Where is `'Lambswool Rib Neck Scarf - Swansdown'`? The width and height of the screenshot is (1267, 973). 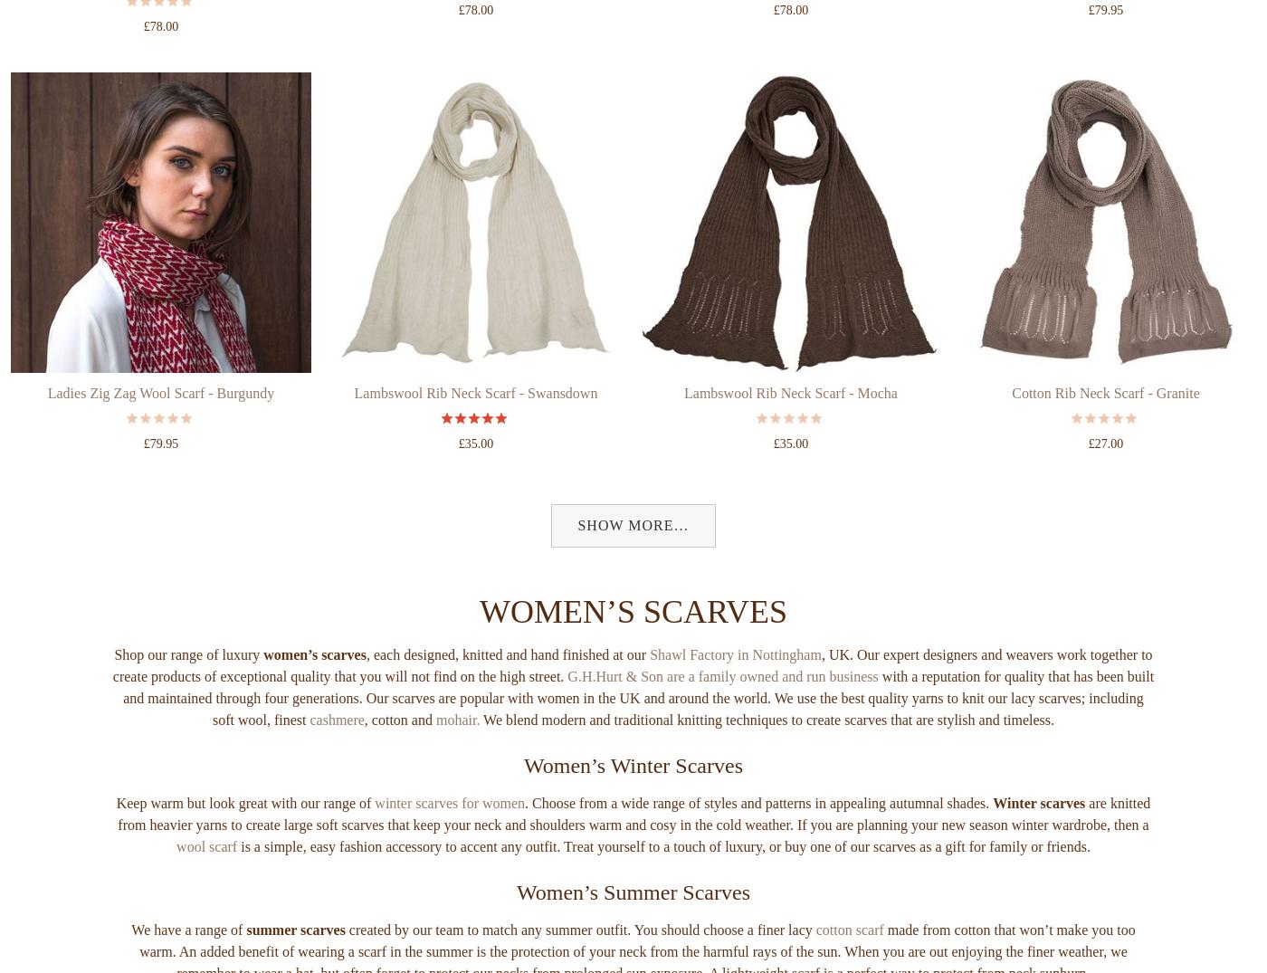 'Lambswool Rib Neck Scarf - Swansdown' is located at coordinates (475, 460).